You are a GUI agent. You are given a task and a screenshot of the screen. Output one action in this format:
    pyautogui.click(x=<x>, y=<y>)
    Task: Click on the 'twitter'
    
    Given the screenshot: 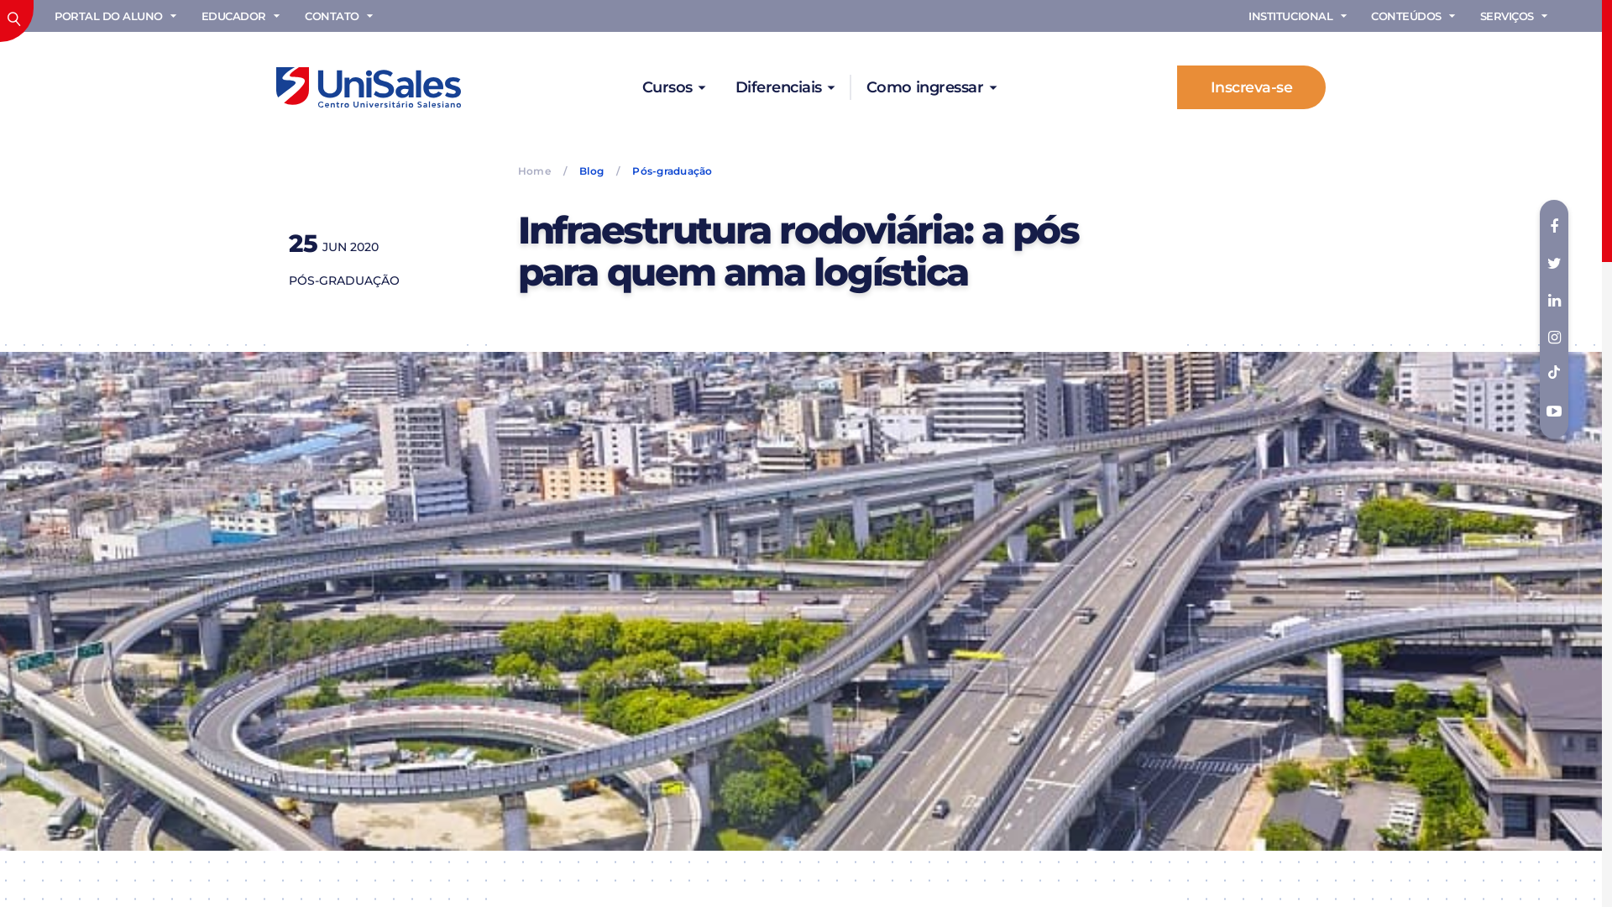 What is the action you would take?
    pyautogui.click(x=1553, y=263)
    